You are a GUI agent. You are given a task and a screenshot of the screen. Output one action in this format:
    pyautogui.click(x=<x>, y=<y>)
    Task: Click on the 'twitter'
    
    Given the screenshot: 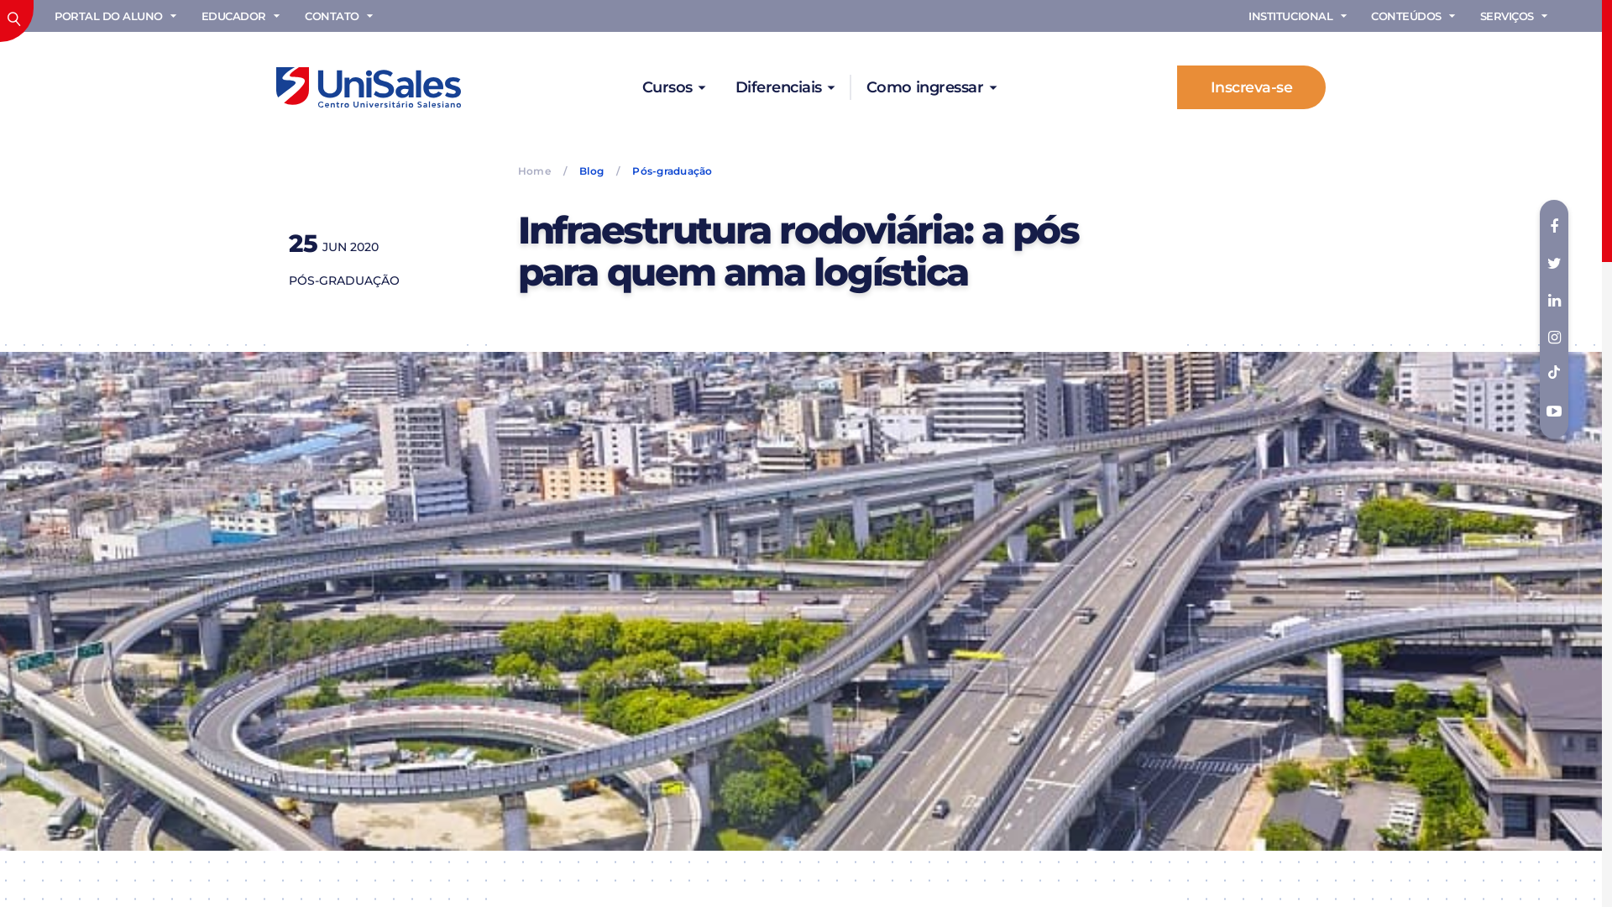 What is the action you would take?
    pyautogui.click(x=1553, y=263)
    